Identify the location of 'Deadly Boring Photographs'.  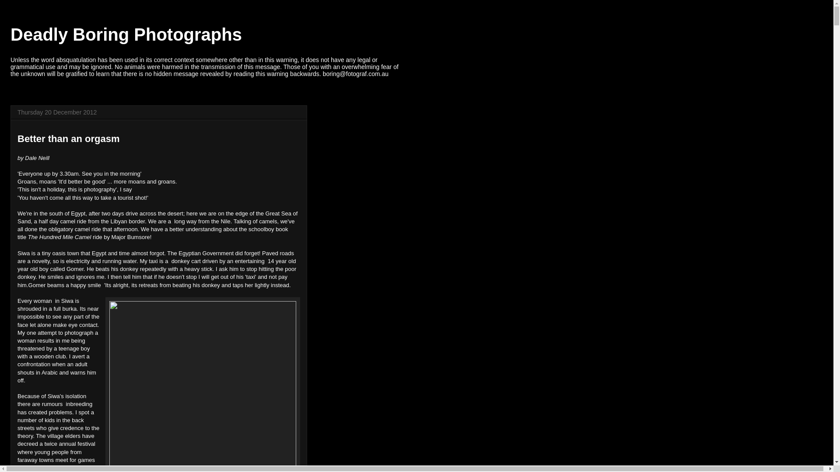
(126, 34).